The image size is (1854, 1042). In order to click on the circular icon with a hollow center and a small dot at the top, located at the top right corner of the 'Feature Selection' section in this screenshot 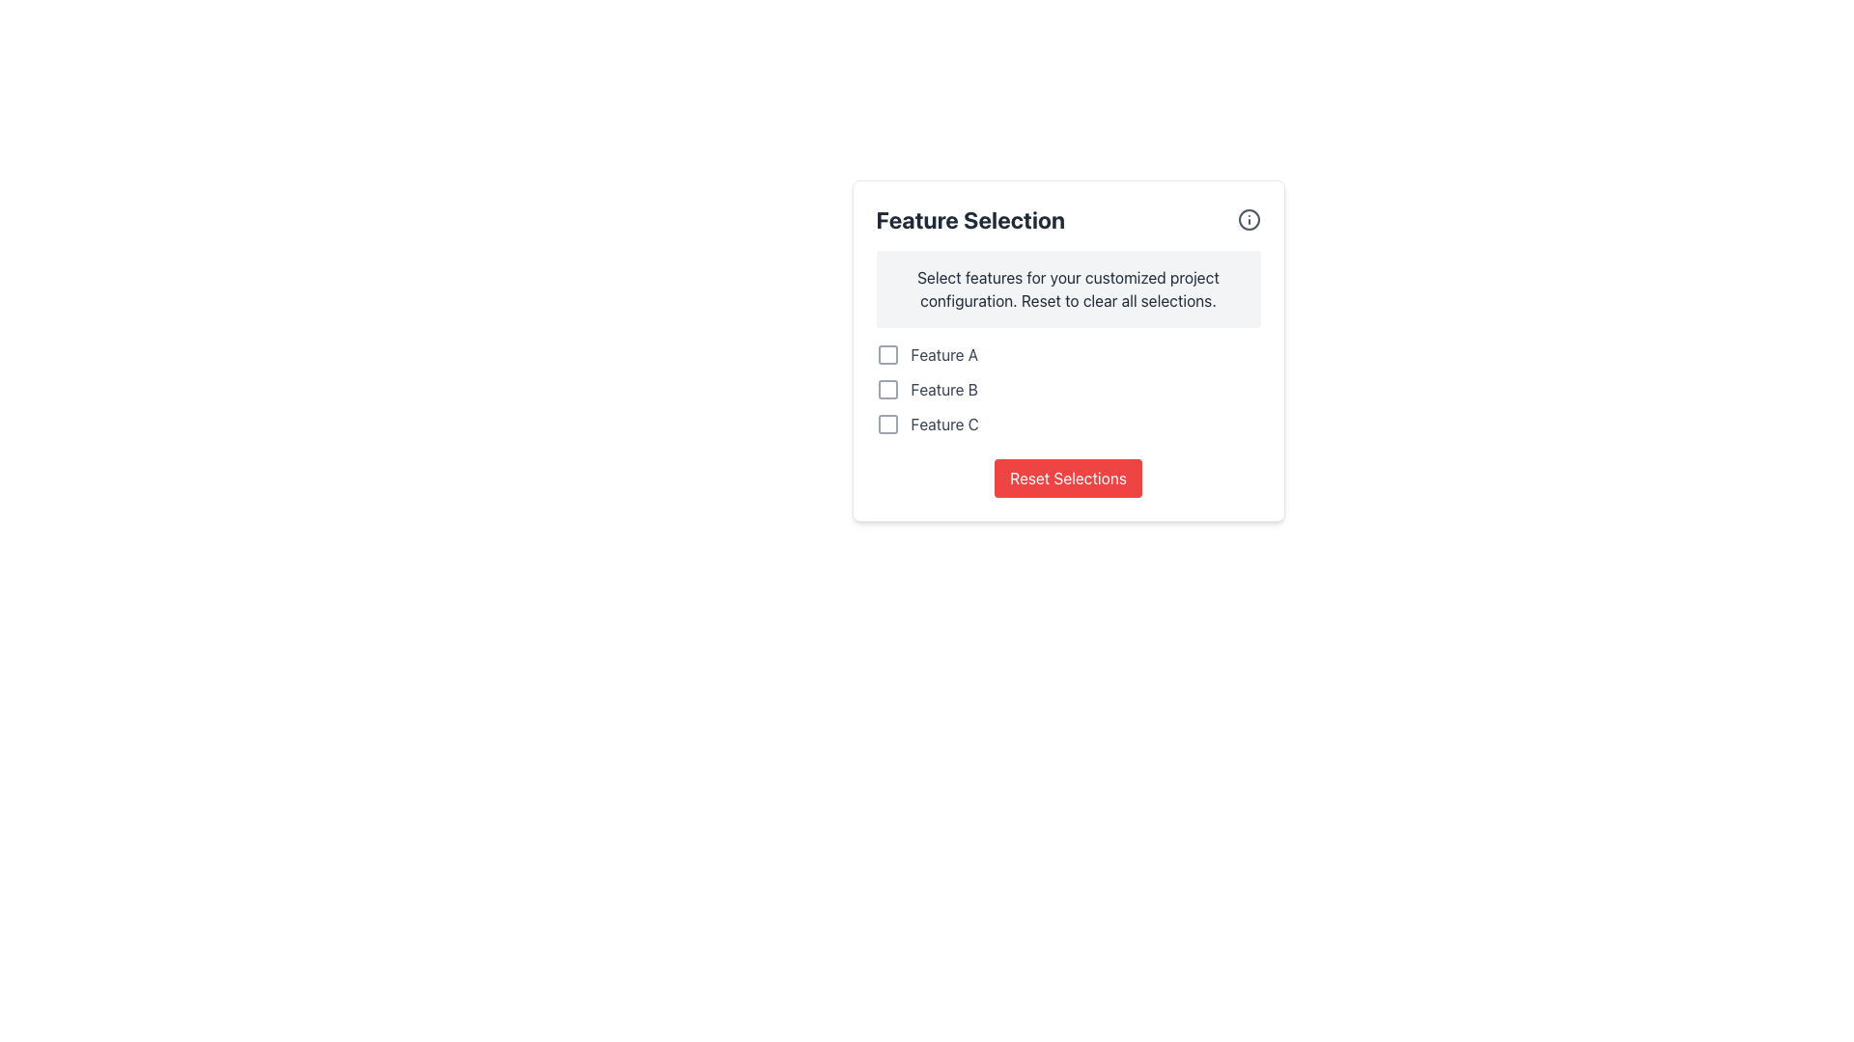, I will do `click(1249, 218)`.